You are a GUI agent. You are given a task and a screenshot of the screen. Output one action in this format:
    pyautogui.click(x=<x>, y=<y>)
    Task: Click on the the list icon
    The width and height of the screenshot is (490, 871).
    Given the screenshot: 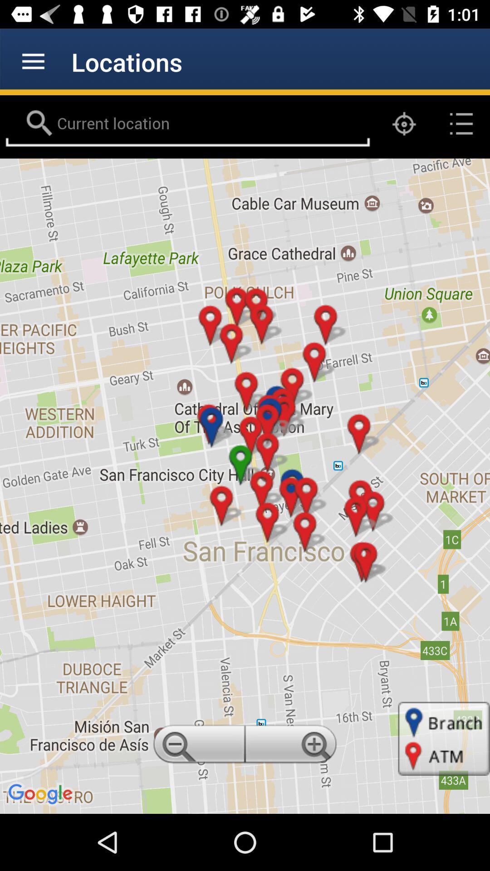 What is the action you would take?
    pyautogui.click(x=461, y=123)
    